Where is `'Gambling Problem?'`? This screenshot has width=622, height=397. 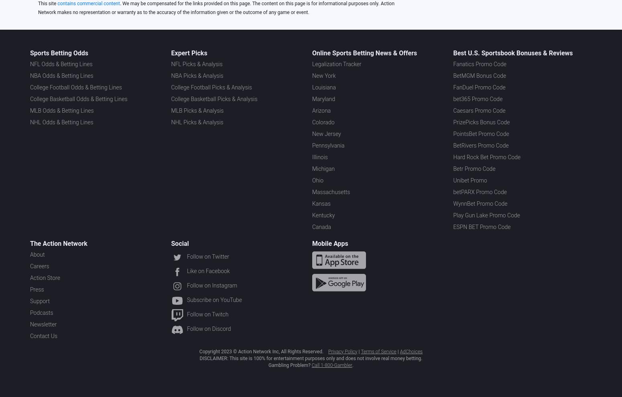 'Gambling Problem?' is located at coordinates (290, 365).